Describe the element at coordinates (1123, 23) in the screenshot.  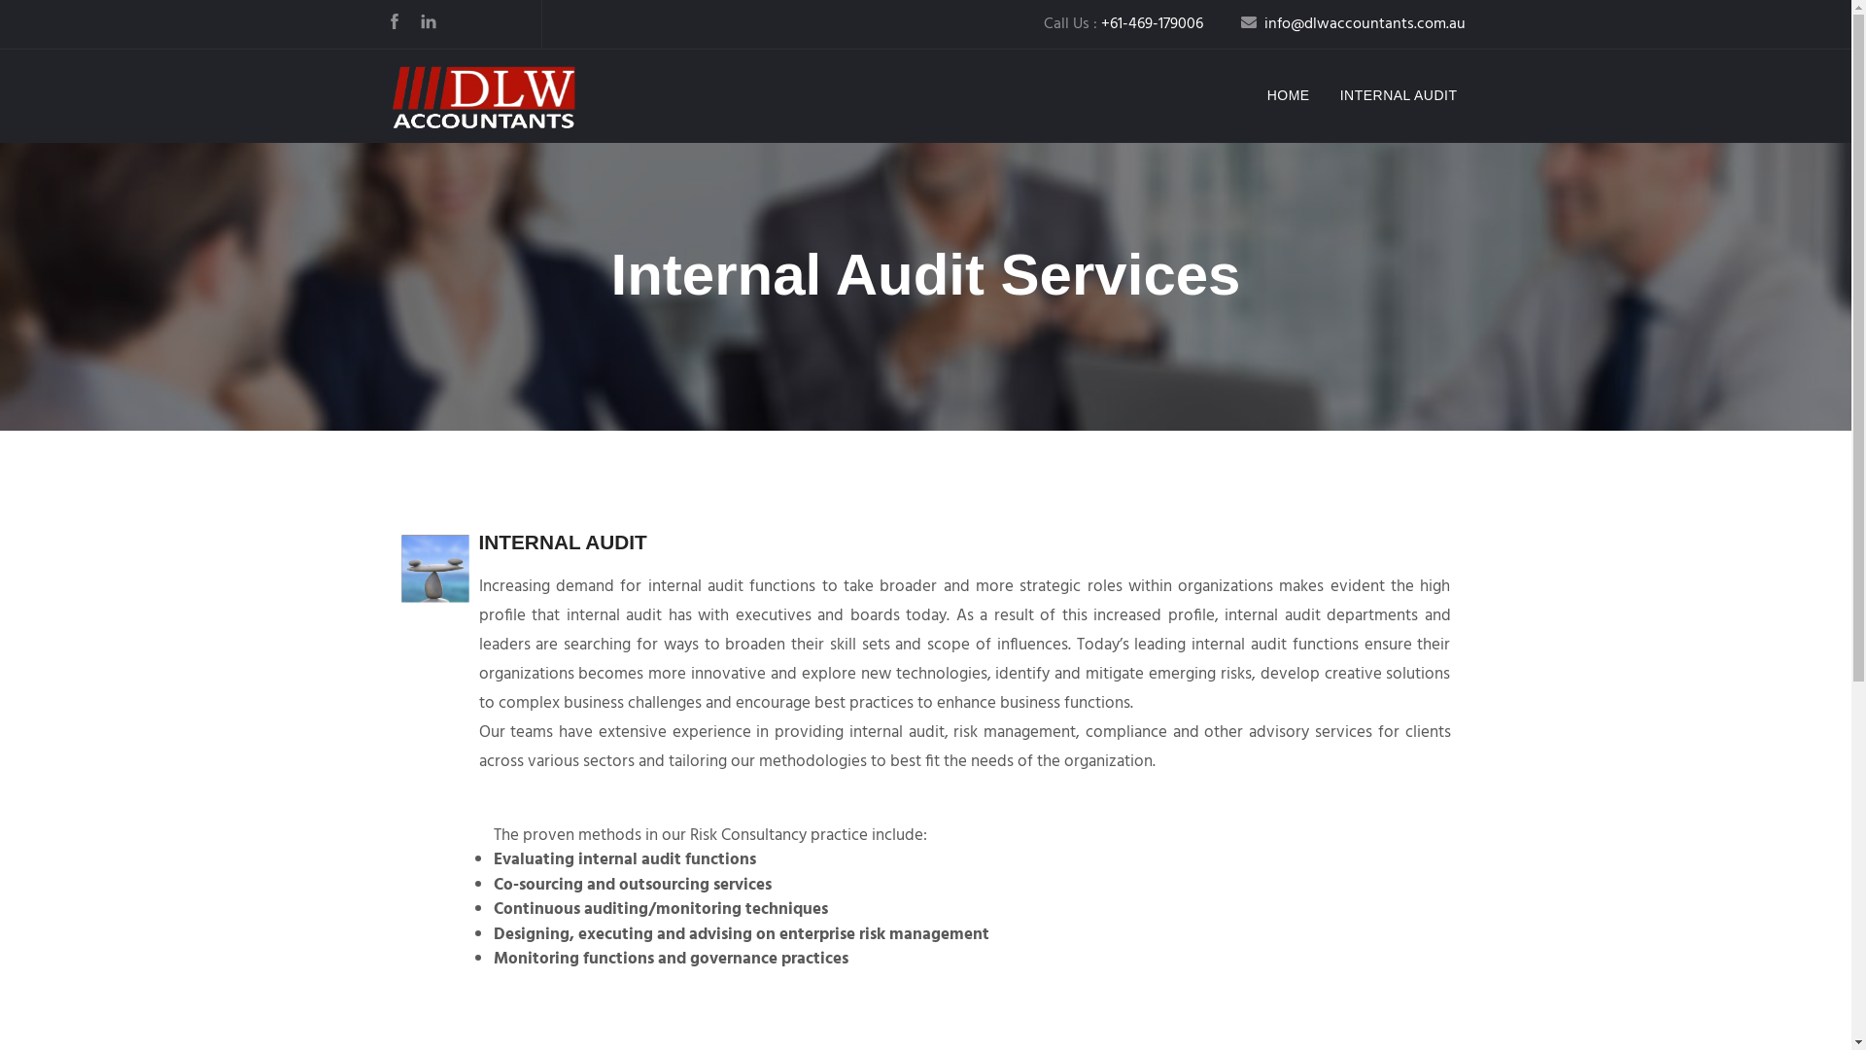
I see `'Call Us : +61-469-179006'` at that location.